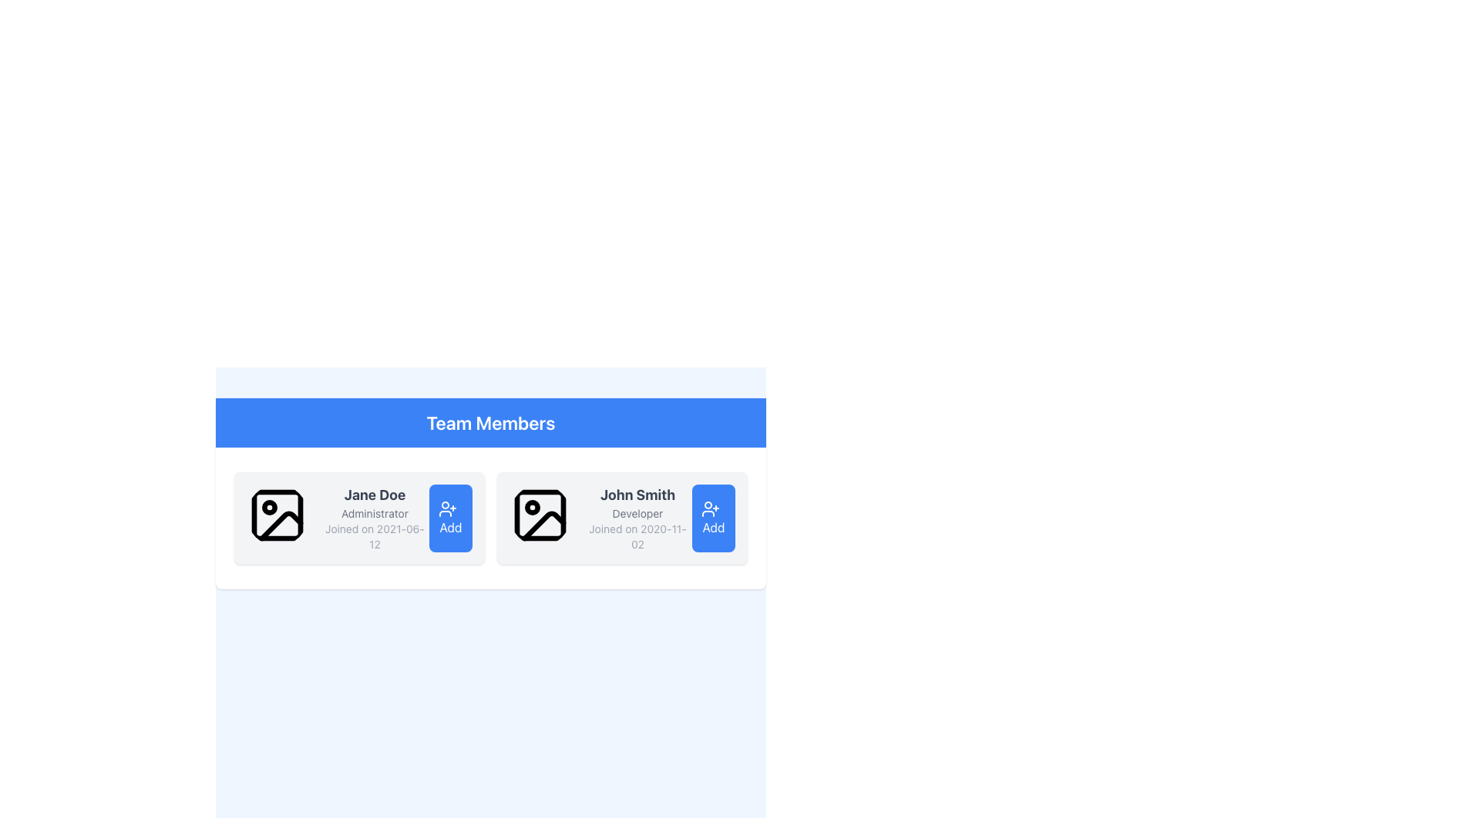 Image resolution: width=1480 pixels, height=832 pixels. Describe the element at coordinates (540, 515) in the screenshot. I see `the decorative SVG rectangle with rounded corners that is part of the 'John Smith' profile icon, located in the upper-left region of the image icon` at that location.